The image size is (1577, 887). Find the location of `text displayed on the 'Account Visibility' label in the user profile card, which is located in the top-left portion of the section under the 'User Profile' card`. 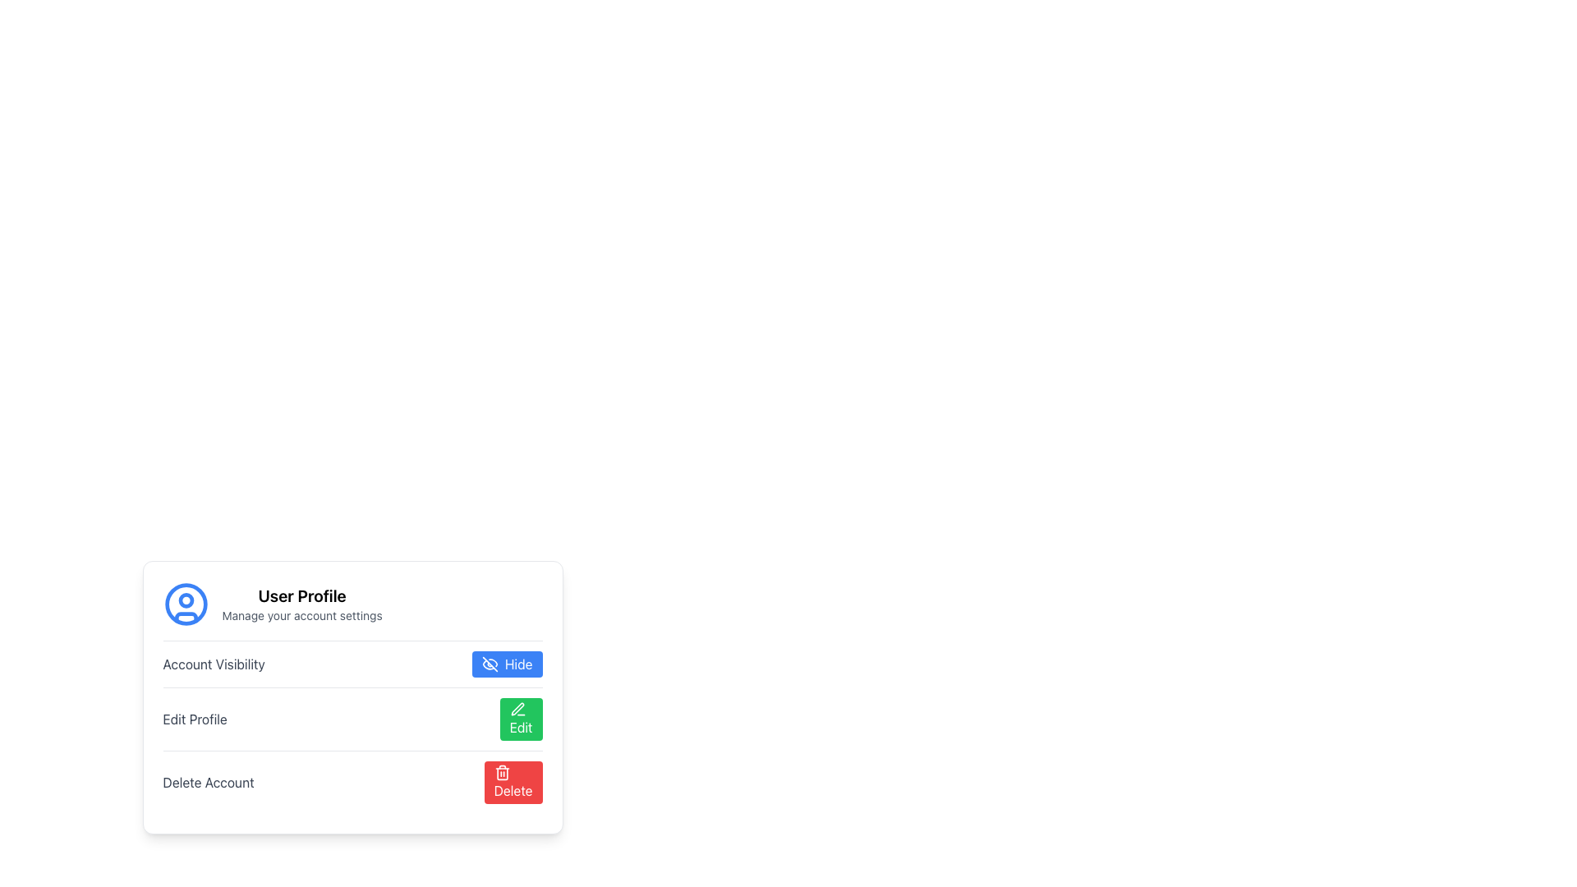

text displayed on the 'Account Visibility' label in the user profile card, which is located in the top-left portion of the section under the 'User Profile' card is located at coordinates (213, 664).